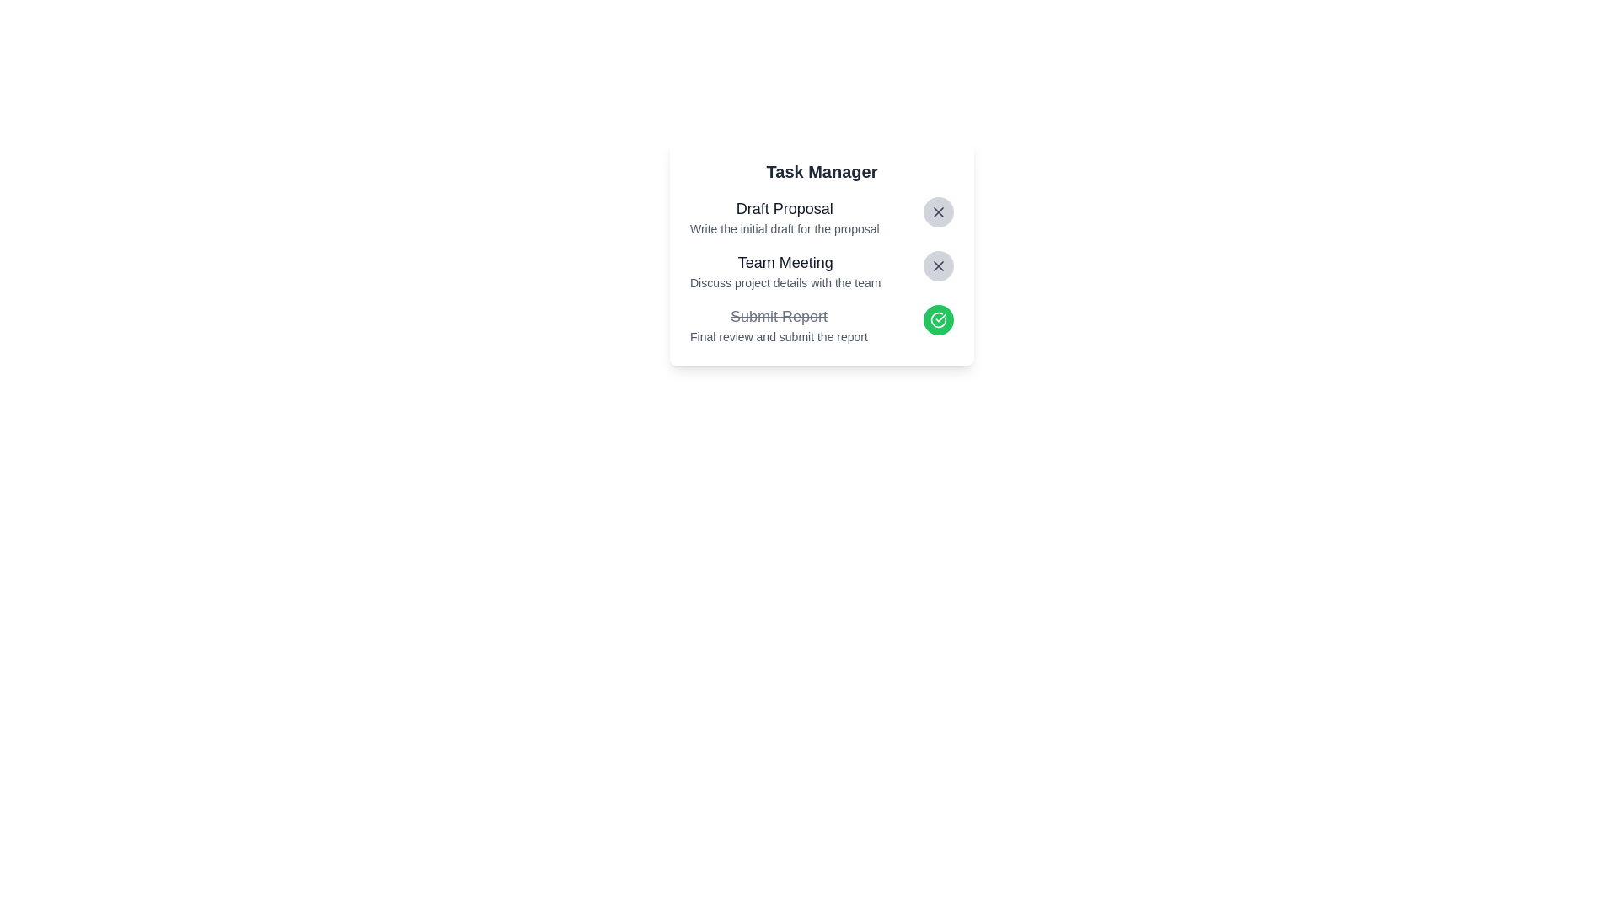 The image size is (1618, 910). Describe the element at coordinates (785, 263) in the screenshot. I see `text from the Text Label that displays 'Team Meeting', which is a prominent header in bold and larger font, located centrally within the task description card` at that location.